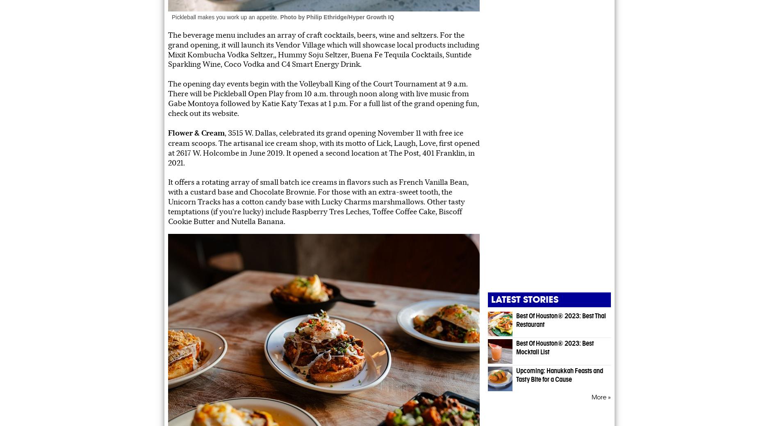 The width and height of the screenshot is (779, 426). I want to click on 'Latest Stories', so click(524, 299).